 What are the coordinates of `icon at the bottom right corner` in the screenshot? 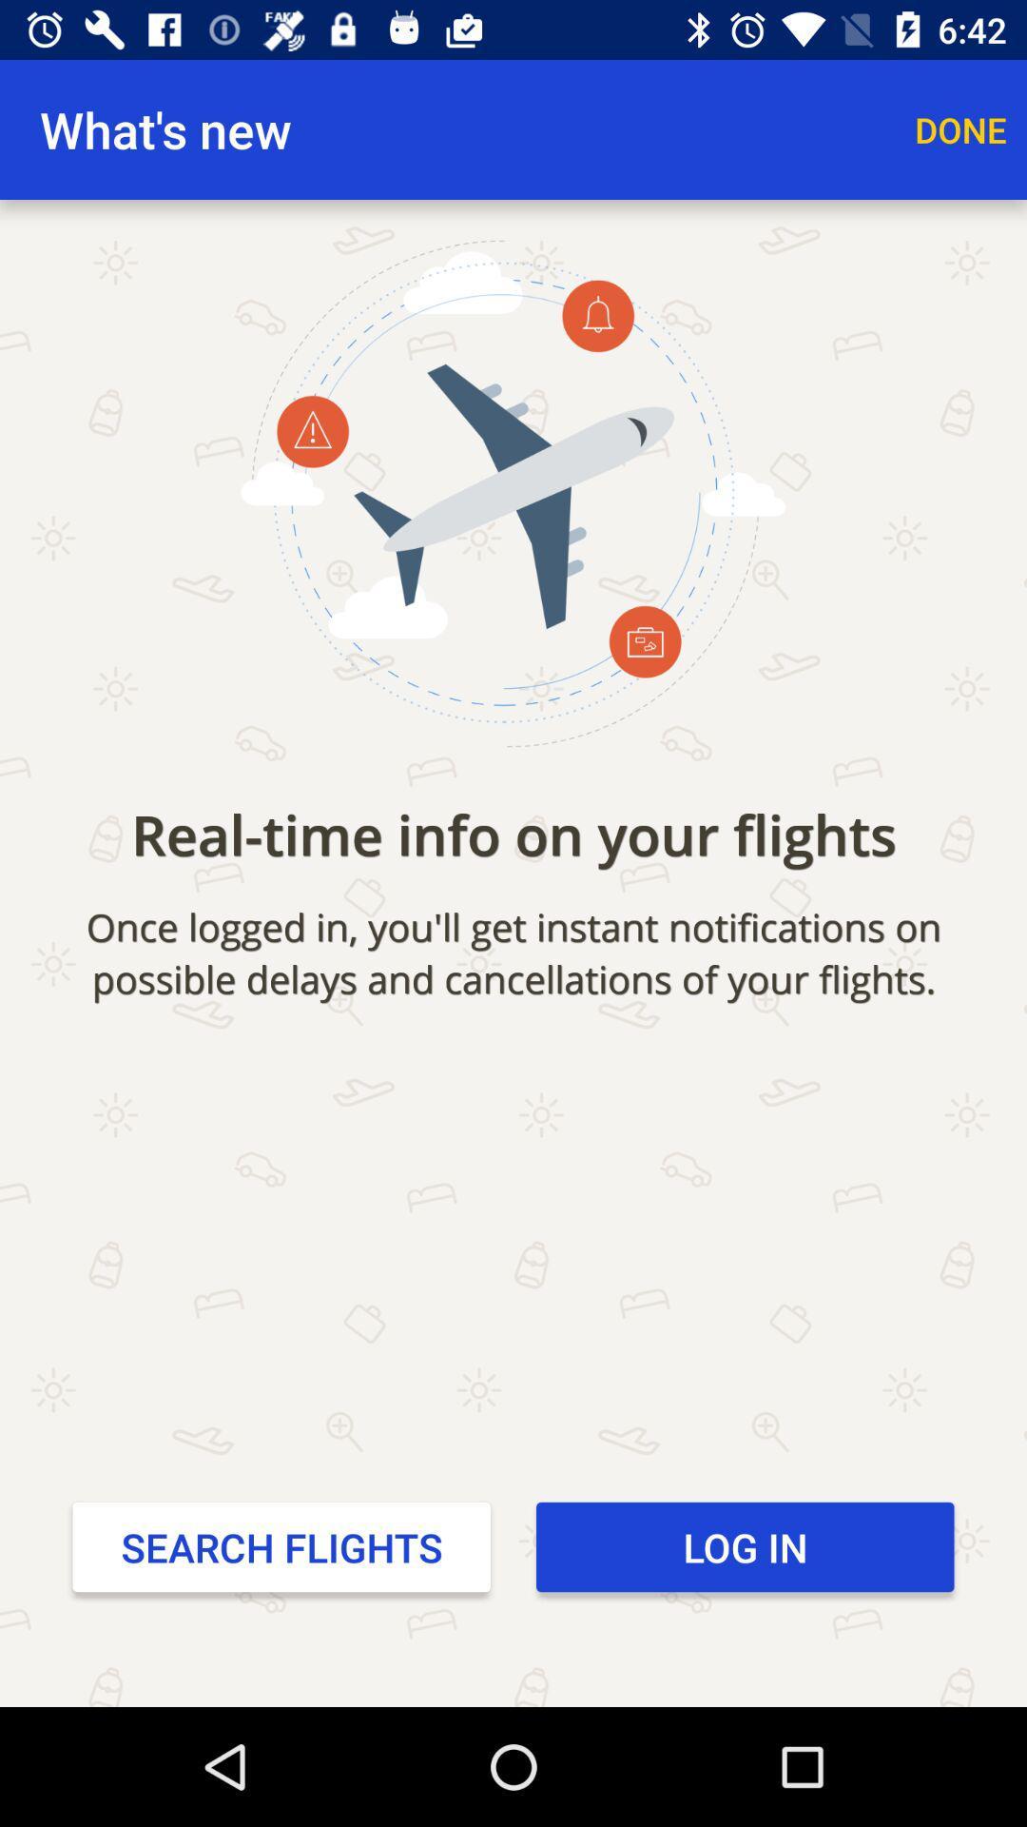 It's located at (744, 1547).